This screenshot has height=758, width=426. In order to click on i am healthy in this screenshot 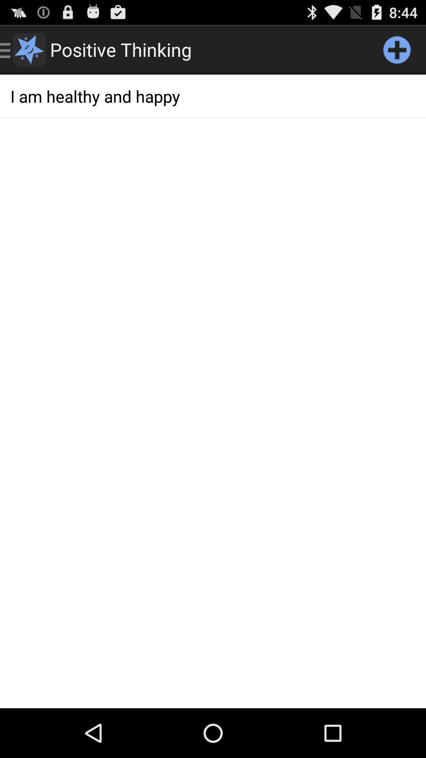, I will do `click(213, 96)`.